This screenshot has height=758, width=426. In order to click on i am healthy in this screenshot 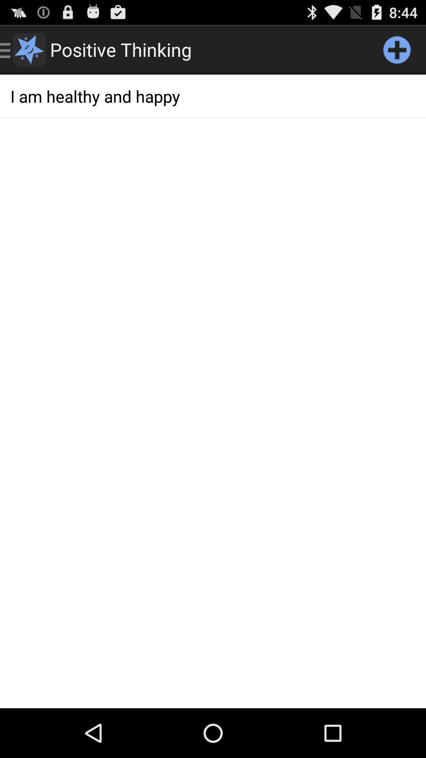, I will do `click(213, 96)`.